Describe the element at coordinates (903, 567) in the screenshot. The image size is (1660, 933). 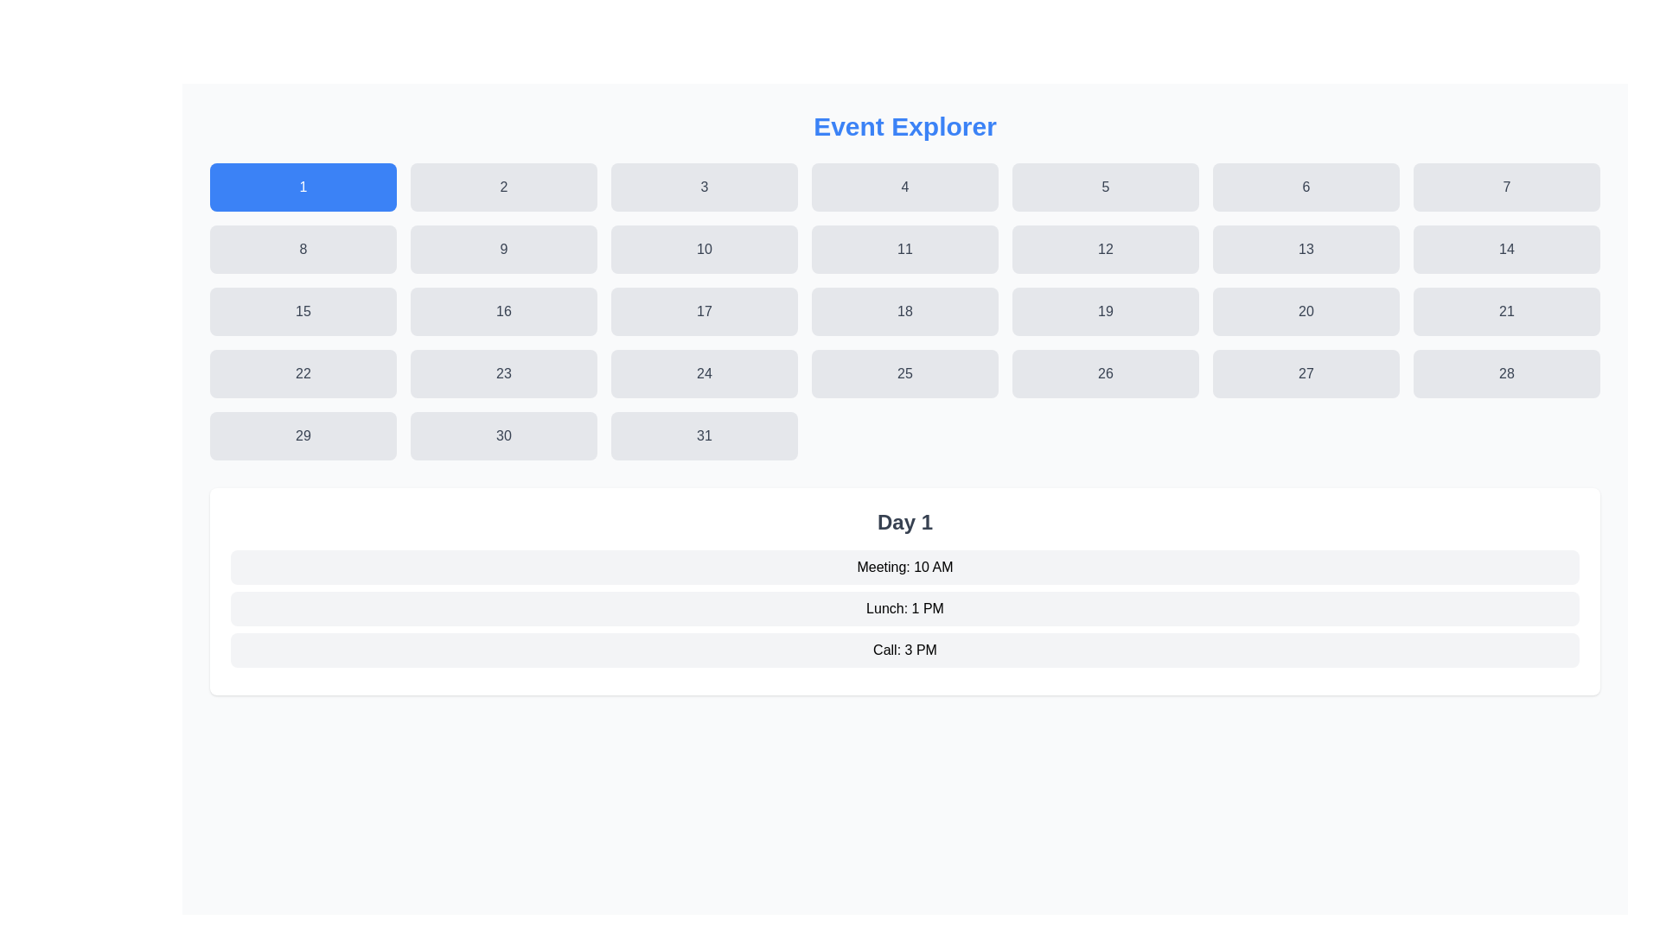
I see `the Text Label indicating an event scheduled for 10 AM, which is the first item in the 'Day 1' section, above 'Lunch: 1 PM' and 'Call: 3 PM'` at that location.